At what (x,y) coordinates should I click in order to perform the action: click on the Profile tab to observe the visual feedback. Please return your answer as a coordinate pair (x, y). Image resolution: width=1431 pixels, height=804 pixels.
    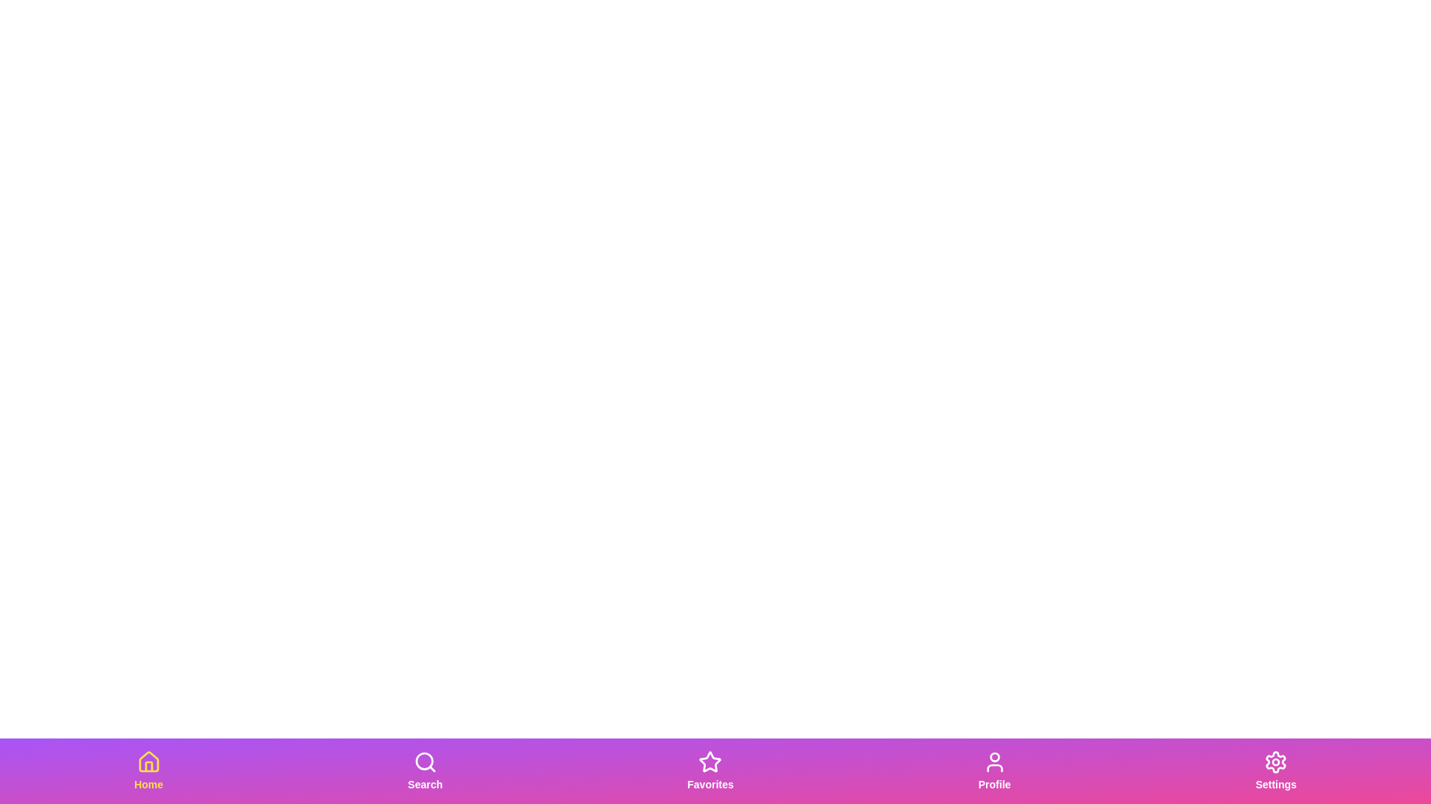
    Looking at the image, I should click on (994, 770).